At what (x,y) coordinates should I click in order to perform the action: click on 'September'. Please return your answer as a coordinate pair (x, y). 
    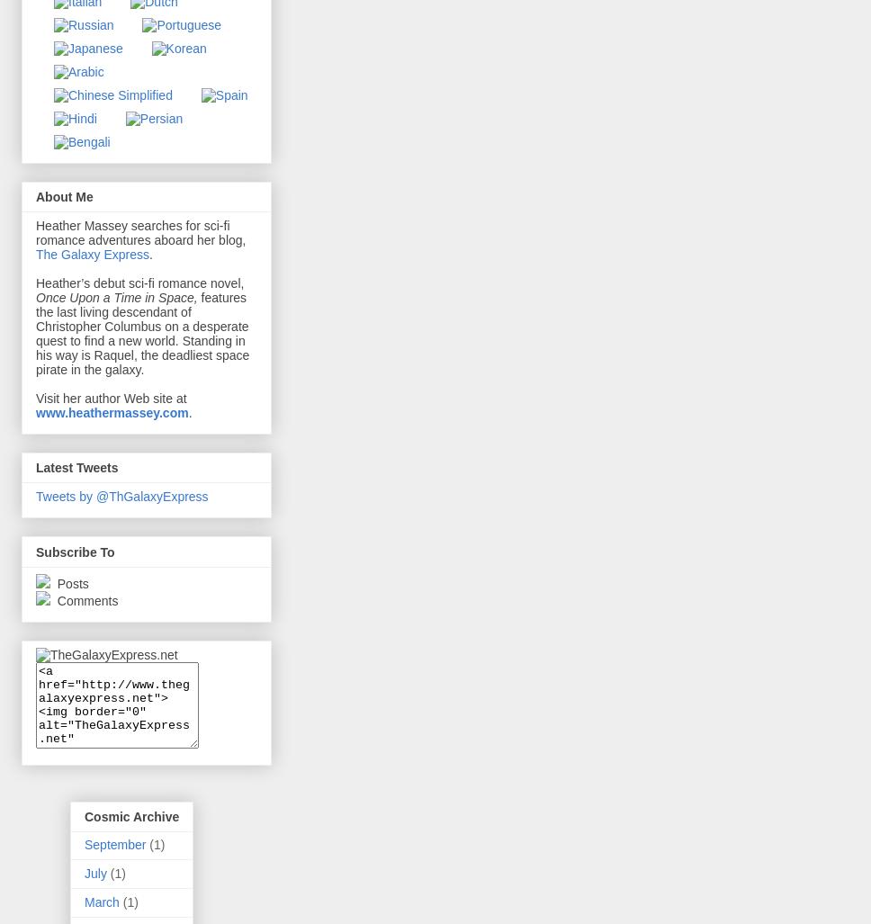
    Looking at the image, I should click on (113, 844).